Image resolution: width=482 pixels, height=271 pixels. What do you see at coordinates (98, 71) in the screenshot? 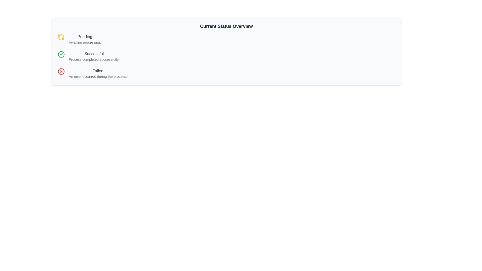
I see `the prominent 'failed status' text label to potentially display tooltips or additional information` at bounding box center [98, 71].